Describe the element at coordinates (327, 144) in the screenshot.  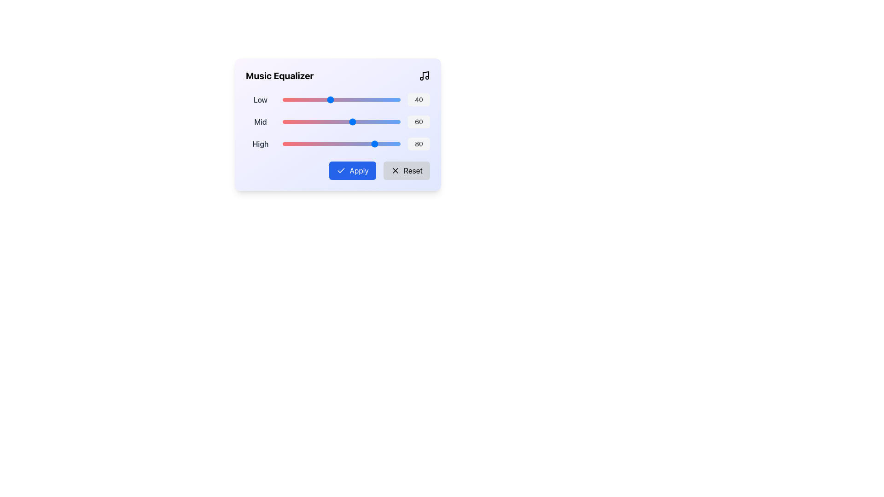
I see `the 'High' audio frequency` at that location.